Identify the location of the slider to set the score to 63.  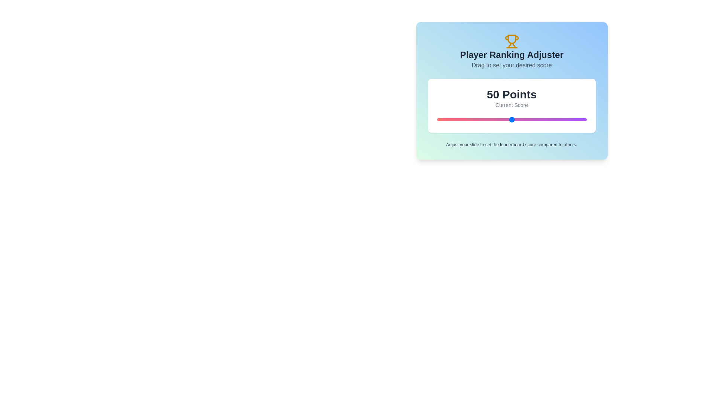
(531, 119).